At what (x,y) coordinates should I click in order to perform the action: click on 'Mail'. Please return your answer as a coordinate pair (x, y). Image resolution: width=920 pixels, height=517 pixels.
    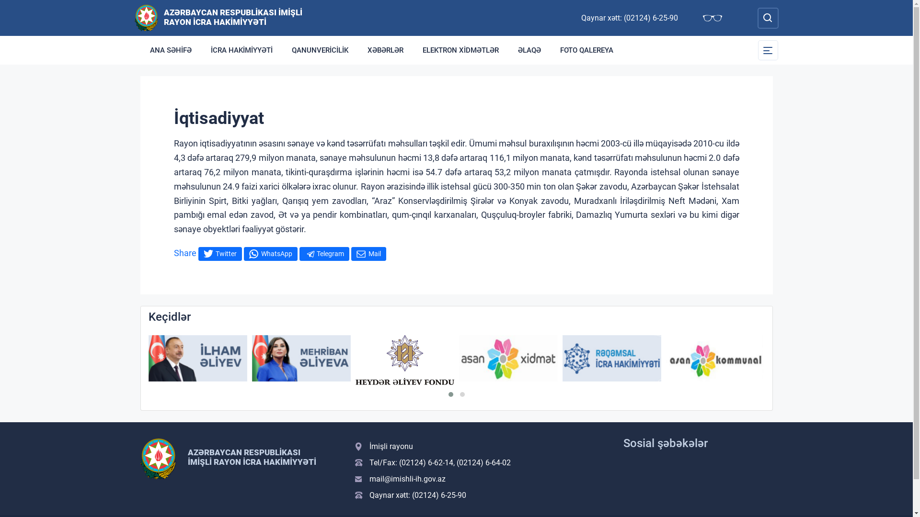
    Looking at the image, I should click on (368, 253).